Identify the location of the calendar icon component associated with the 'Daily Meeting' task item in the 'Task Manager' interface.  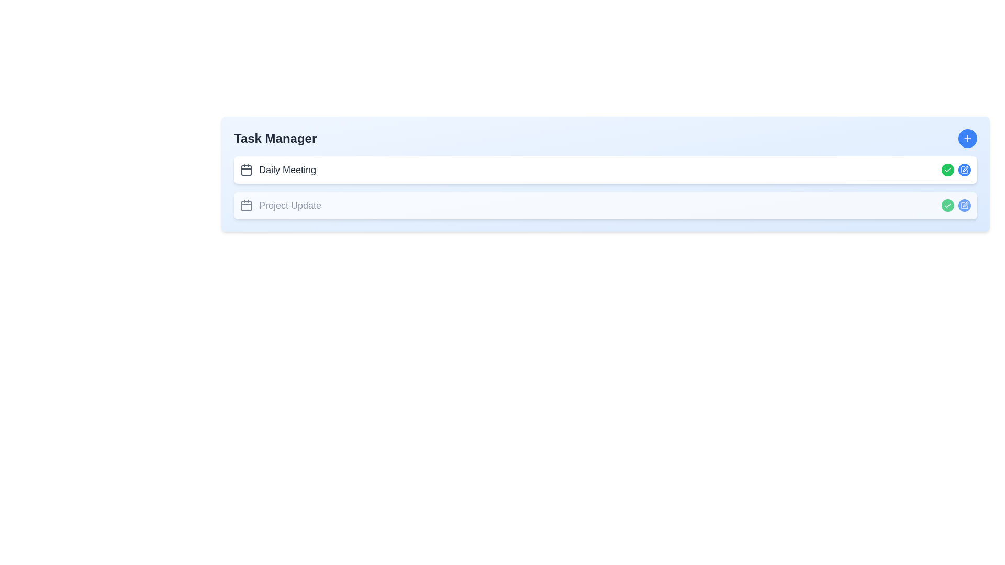
(245, 170).